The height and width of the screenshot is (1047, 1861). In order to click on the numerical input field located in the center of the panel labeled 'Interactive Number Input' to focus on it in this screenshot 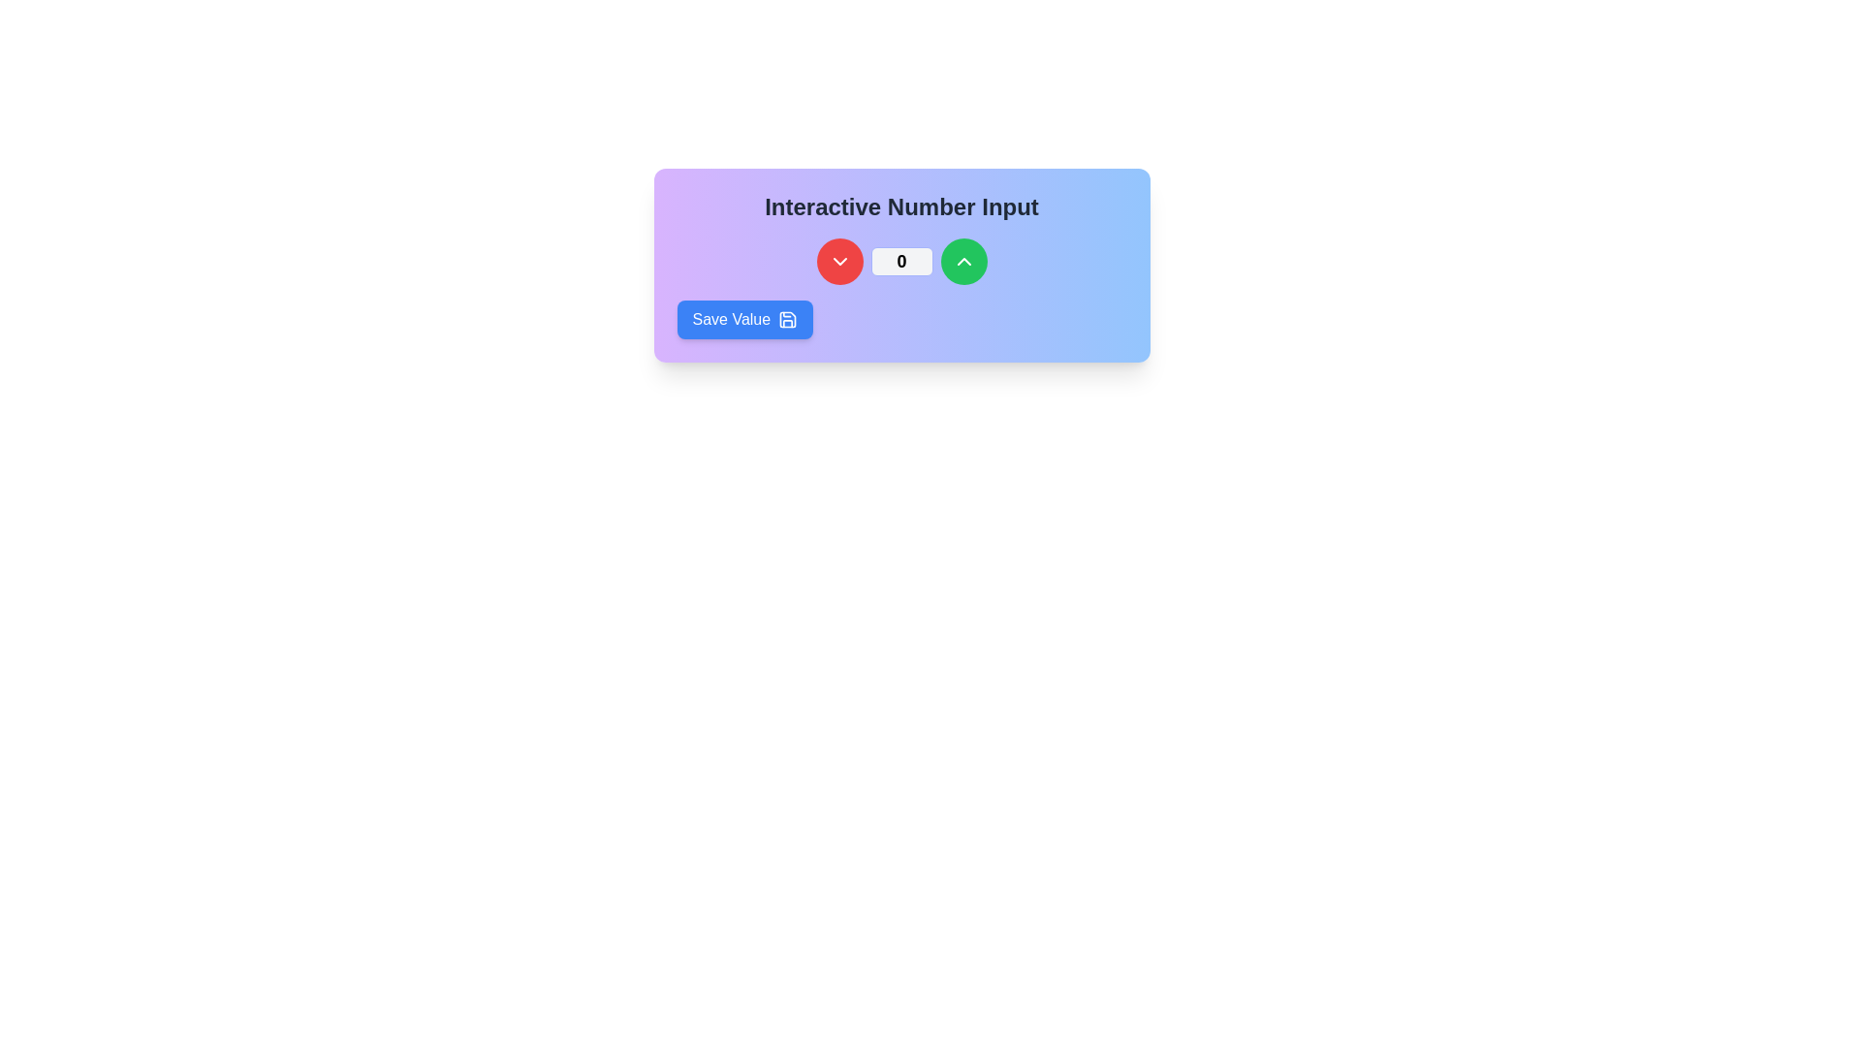, I will do `click(900, 262)`.